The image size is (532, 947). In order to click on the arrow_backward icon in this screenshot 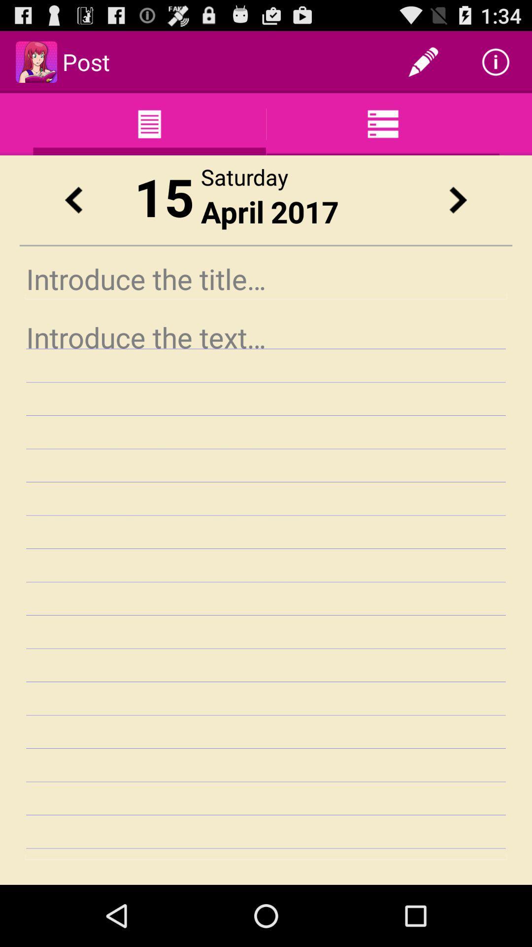, I will do `click(73, 214)`.